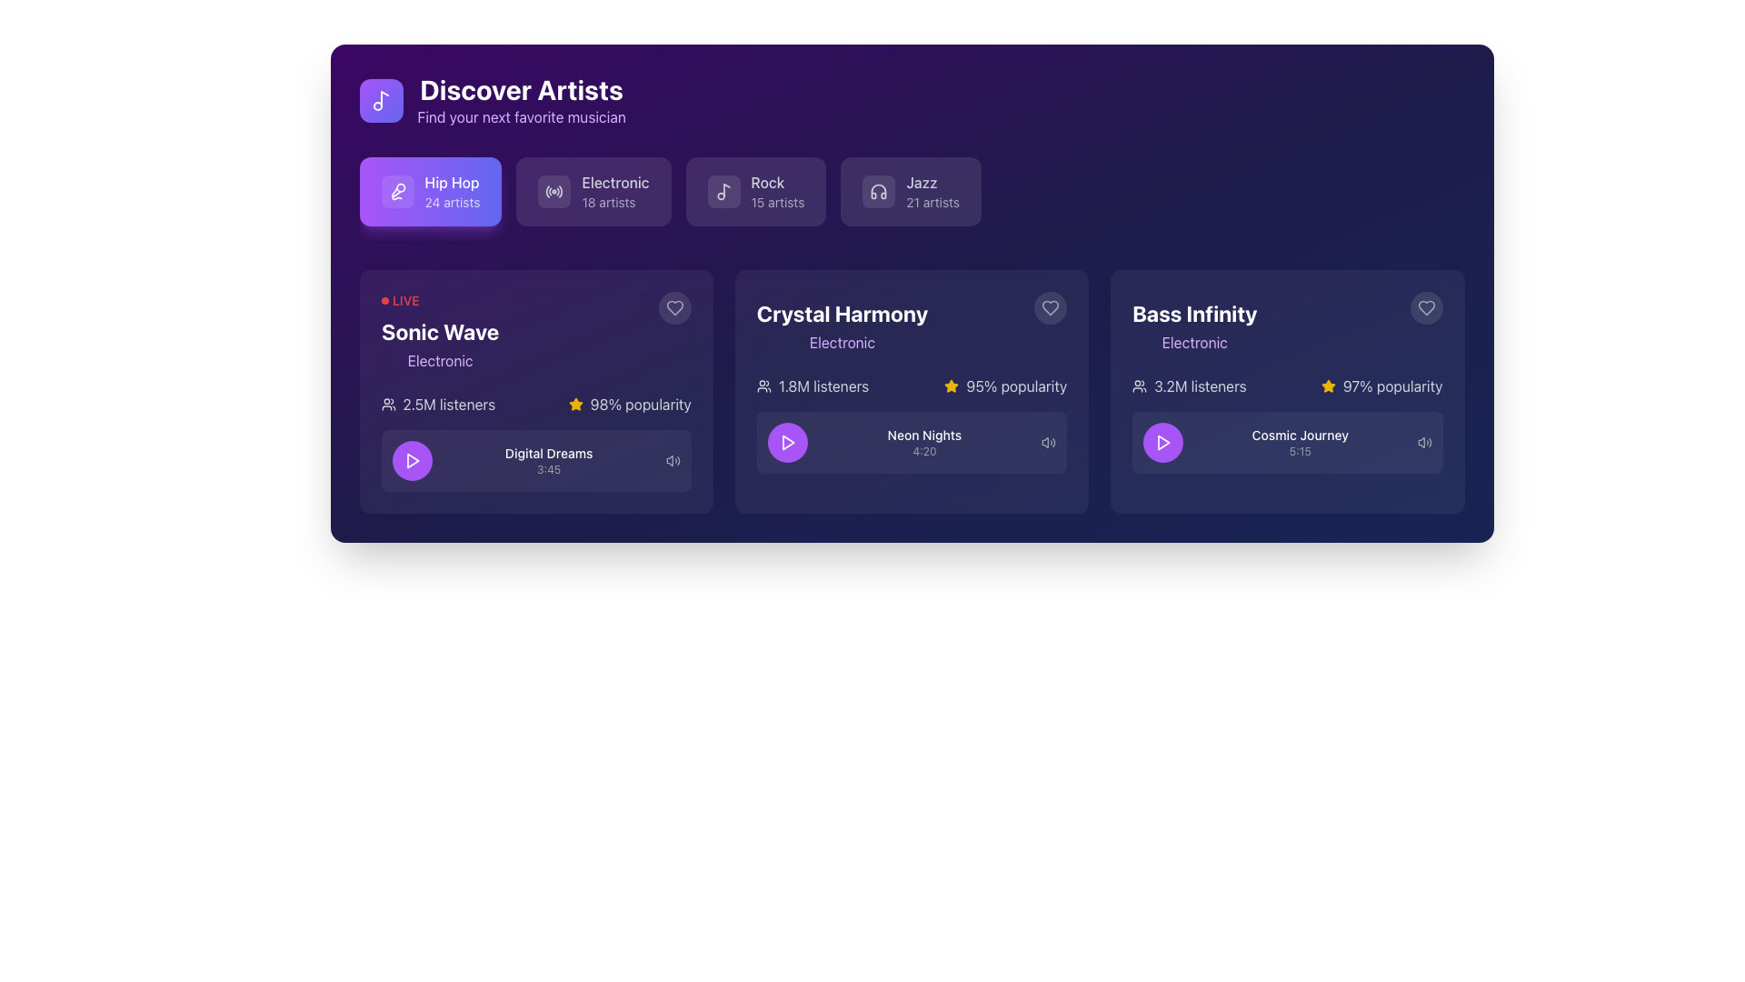 The image size is (1745, 982). What do you see at coordinates (788, 442) in the screenshot?
I see `the play icon located within the circular play button in the card titled 'Crystal Harmony' in the middle section of the interface` at bounding box center [788, 442].